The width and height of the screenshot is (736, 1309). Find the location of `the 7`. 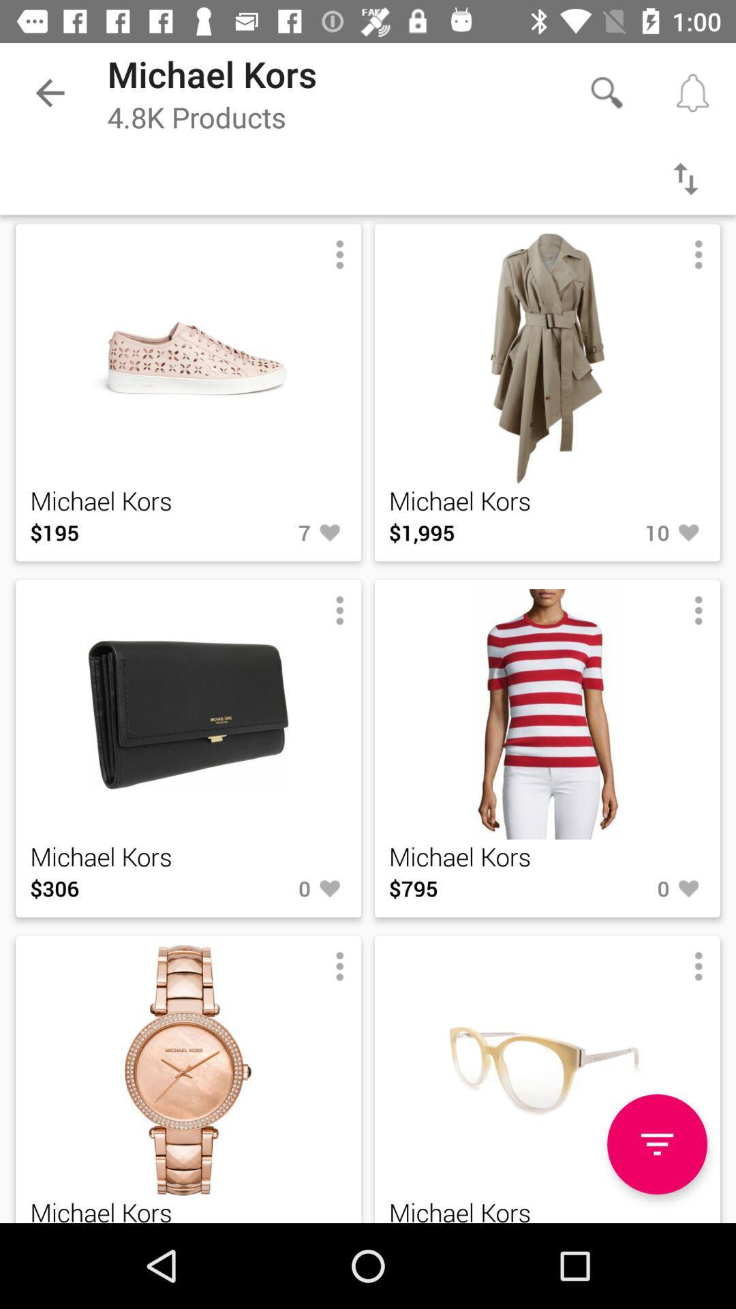

the 7 is located at coordinates (268, 532).